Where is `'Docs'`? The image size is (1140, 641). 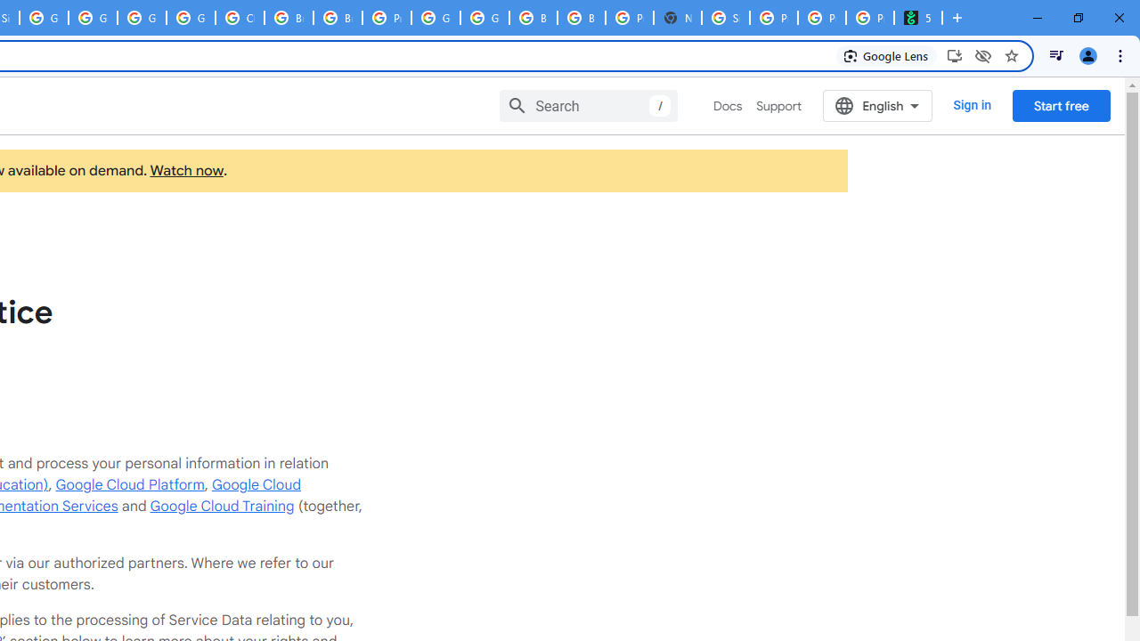 'Docs' is located at coordinates (728, 106).